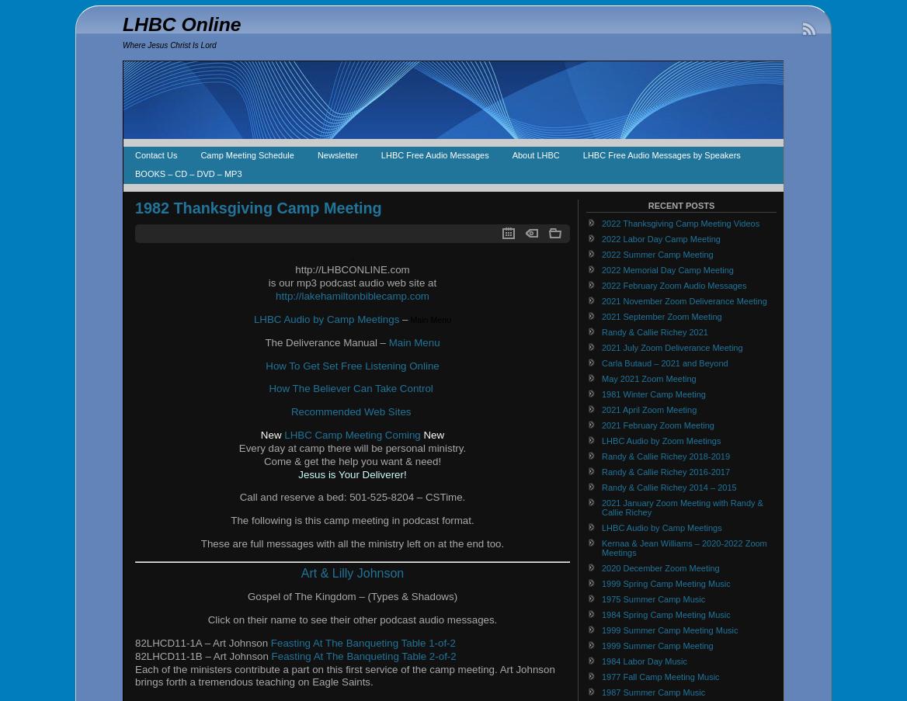 The width and height of the screenshot is (907, 701). I want to click on '1999 Summer Camp Meeting', so click(601, 644).